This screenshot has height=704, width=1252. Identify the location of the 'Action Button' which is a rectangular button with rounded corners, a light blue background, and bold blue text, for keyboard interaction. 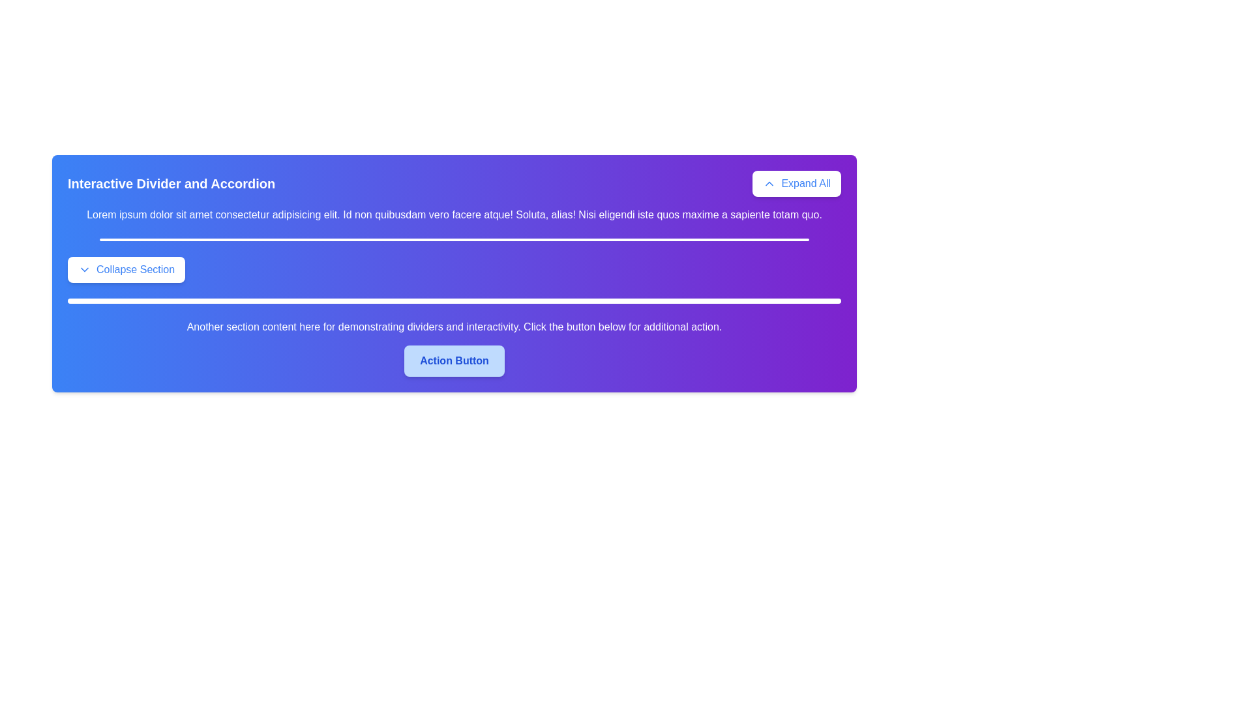
(454, 361).